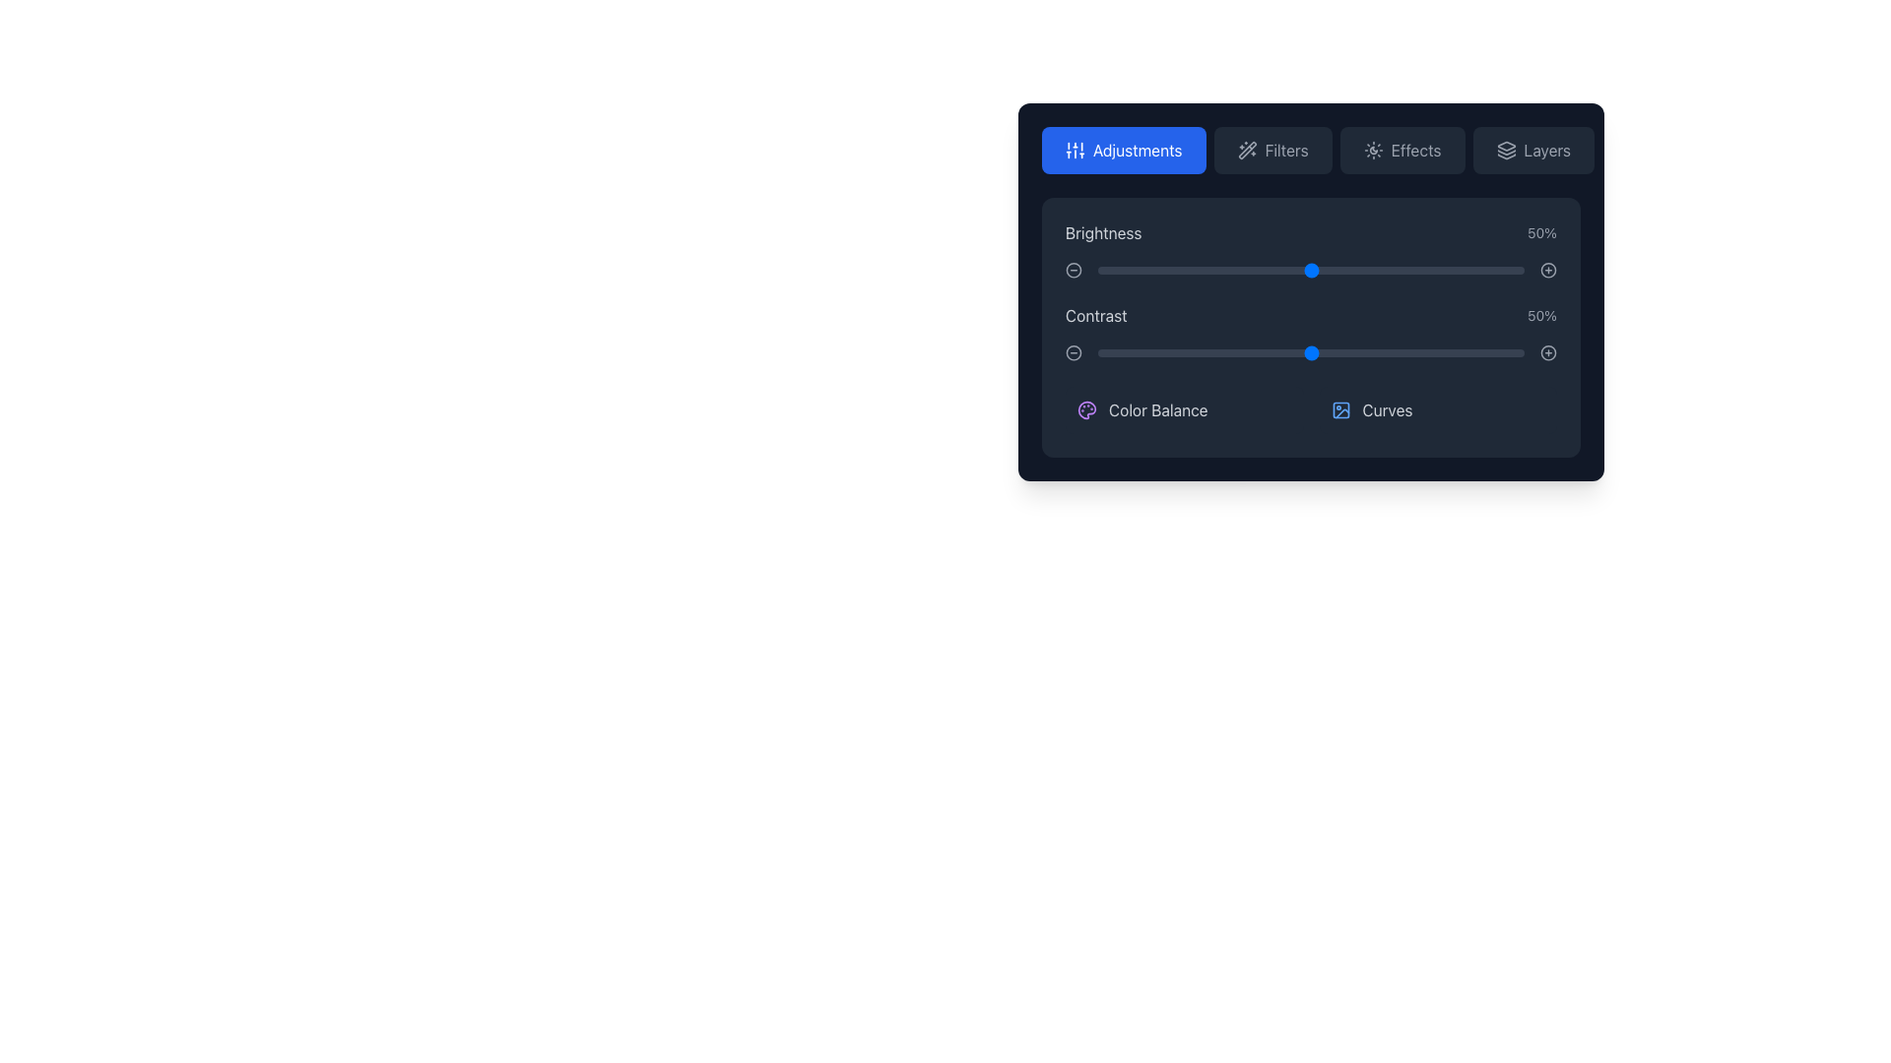 This screenshot has width=1891, height=1063. I want to click on the 'Effects' label in the horizontal navigation menu, so click(1415, 150).